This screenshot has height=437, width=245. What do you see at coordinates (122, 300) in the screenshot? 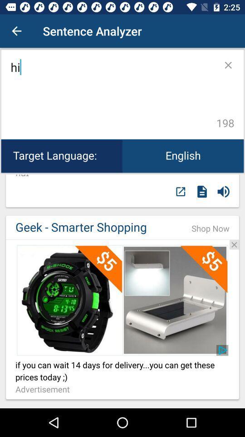
I see `advertisement website` at bounding box center [122, 300].